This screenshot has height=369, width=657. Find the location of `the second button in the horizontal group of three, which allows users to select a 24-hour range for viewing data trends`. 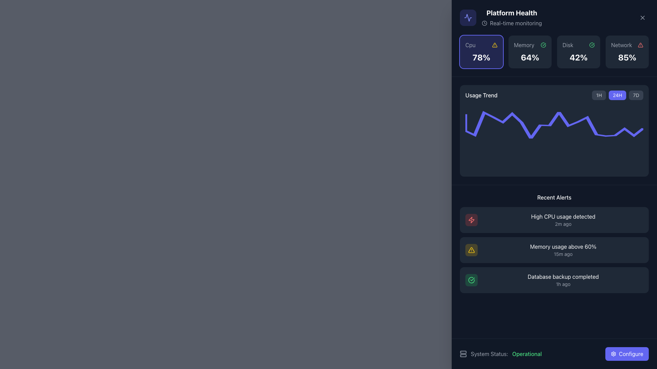

the second button in the horizontal group of three, which allows users to select a 24-hour range for viewing data trends is located at coordinates (617, 95).